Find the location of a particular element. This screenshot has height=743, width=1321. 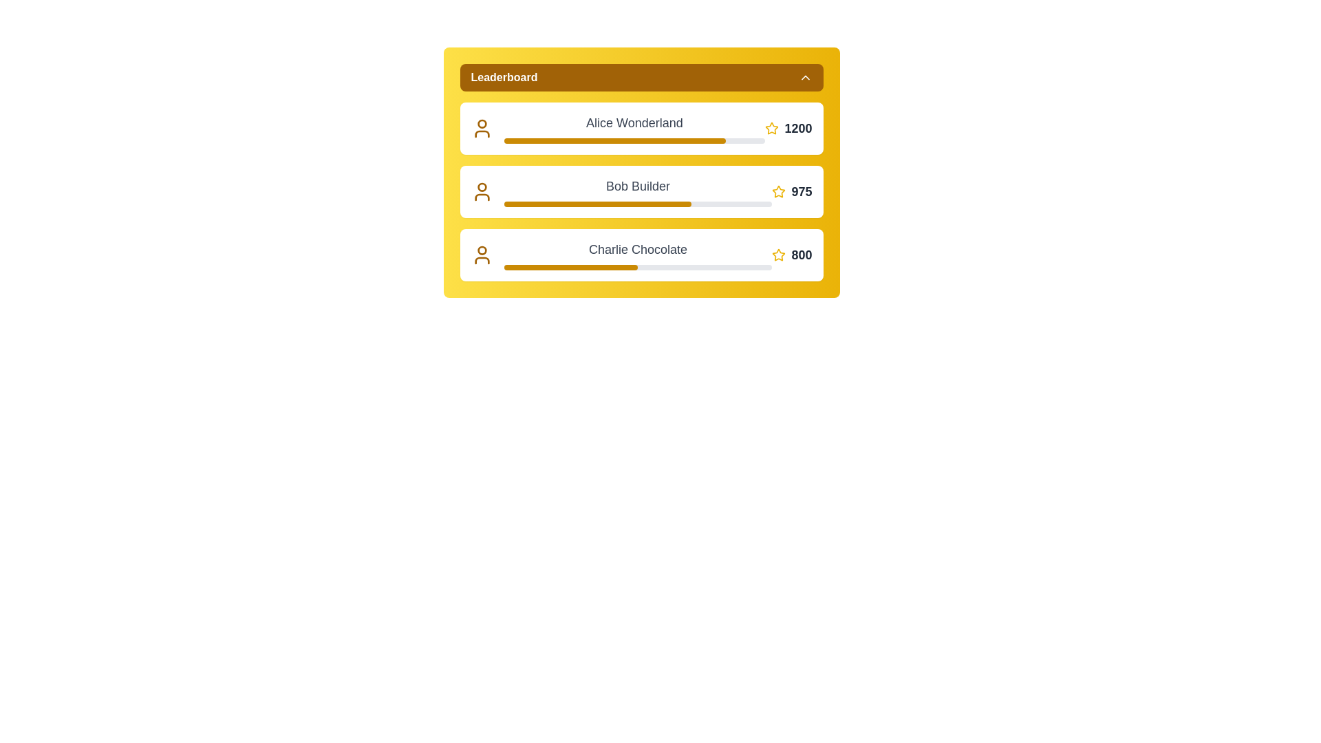

the user identification icon located in the third row of the leaderboard, directly preceding the name 'Charlie Chocolate' is located at coordinates (482, 255).